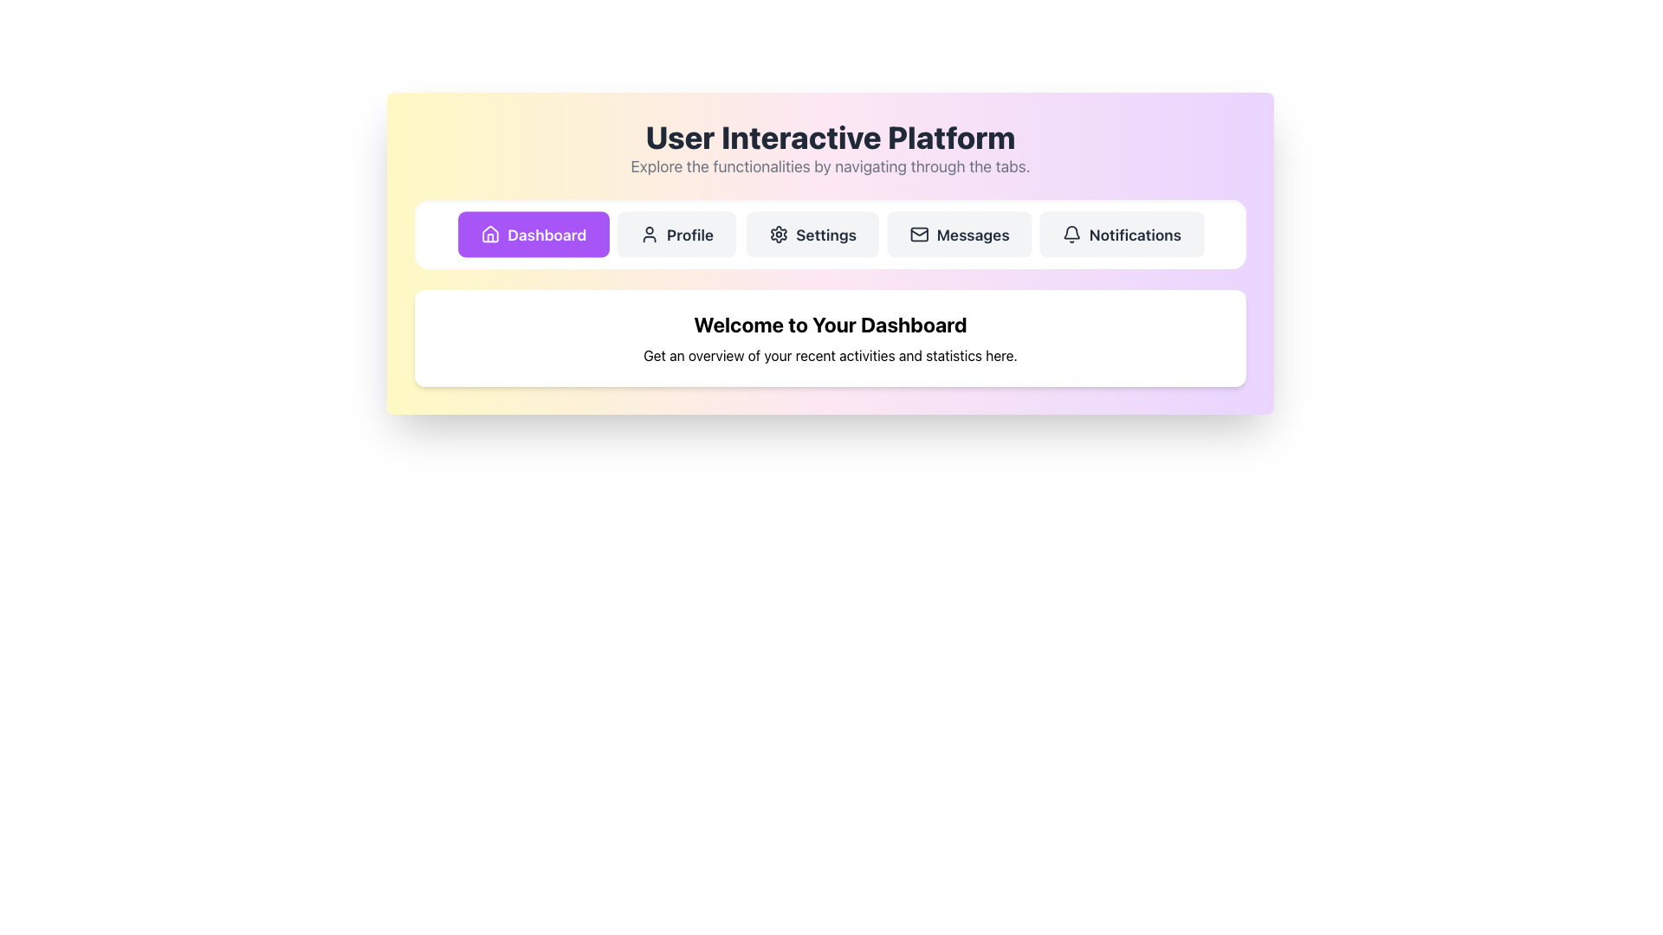  I want to click on the area surrounding the 'Notifications' text label in the navigation bar, so click(1135, 234).